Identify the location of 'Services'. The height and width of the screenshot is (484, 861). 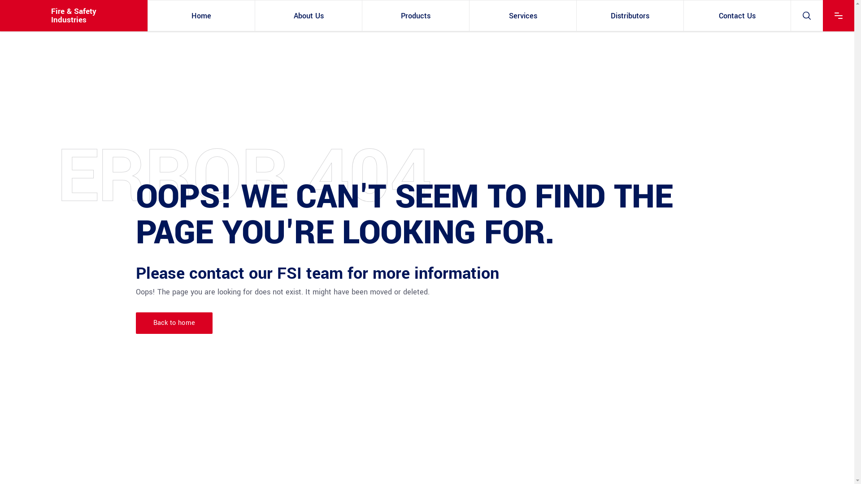
(523, 15).